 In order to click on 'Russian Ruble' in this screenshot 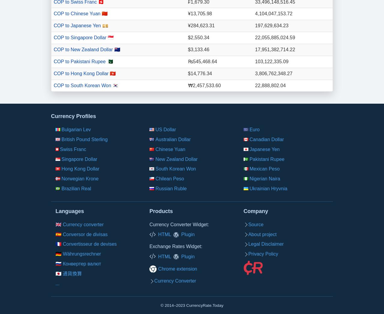, I will do `click(170, 188)`.